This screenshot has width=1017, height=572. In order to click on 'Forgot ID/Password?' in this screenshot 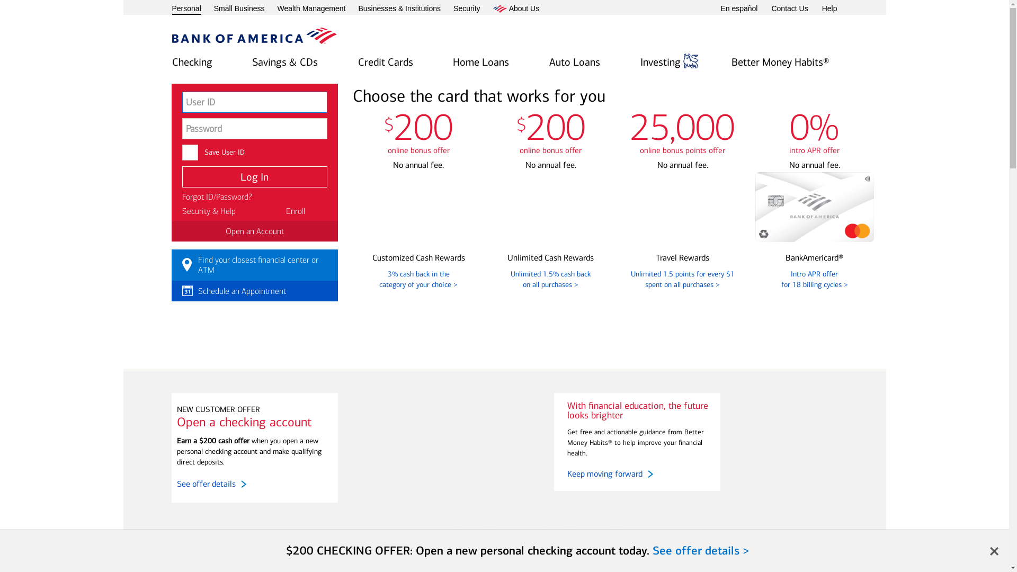, I will do `click(182, 196)`.